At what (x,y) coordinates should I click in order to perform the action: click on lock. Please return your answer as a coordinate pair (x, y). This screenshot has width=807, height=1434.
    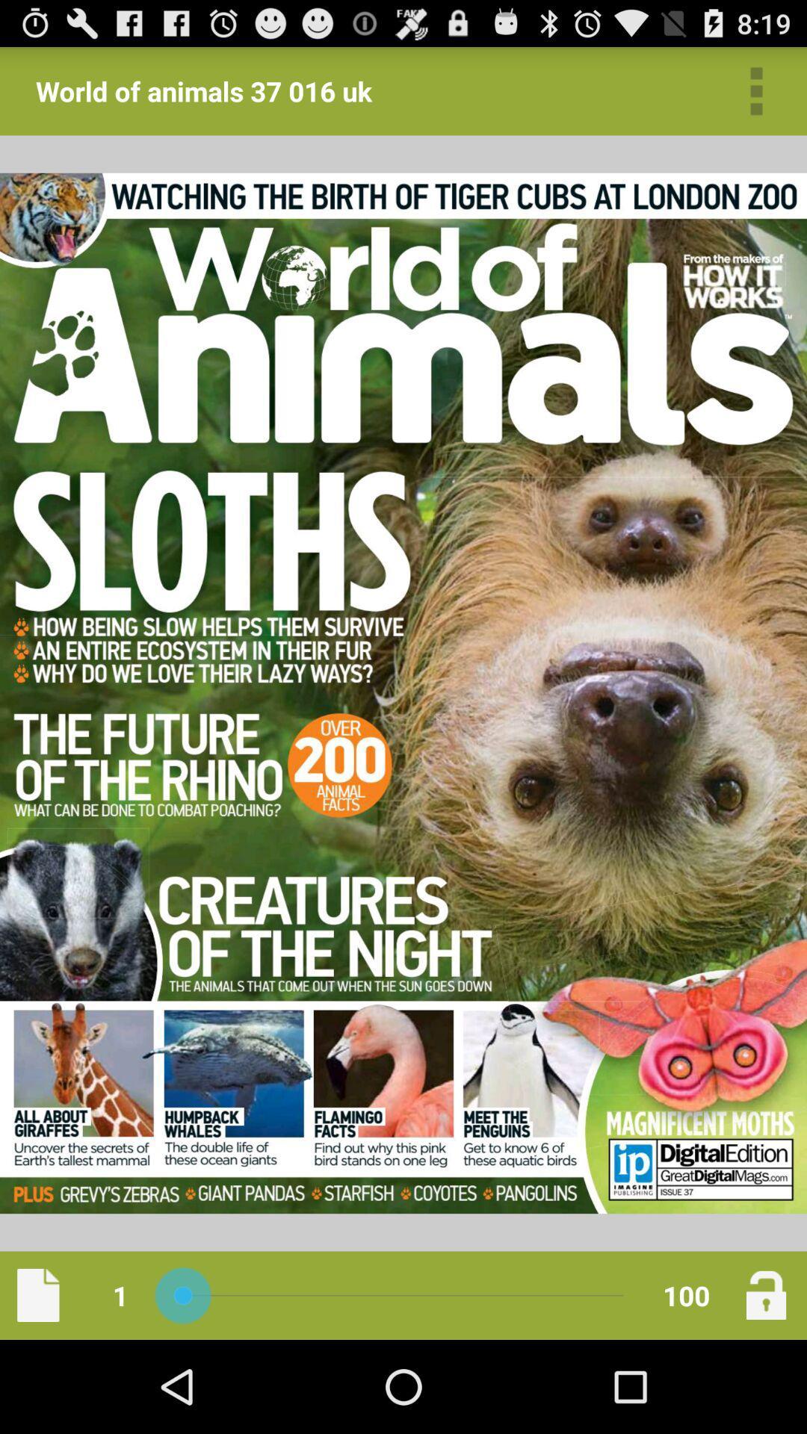
    Looking at the image, I should click on (766, 1294).